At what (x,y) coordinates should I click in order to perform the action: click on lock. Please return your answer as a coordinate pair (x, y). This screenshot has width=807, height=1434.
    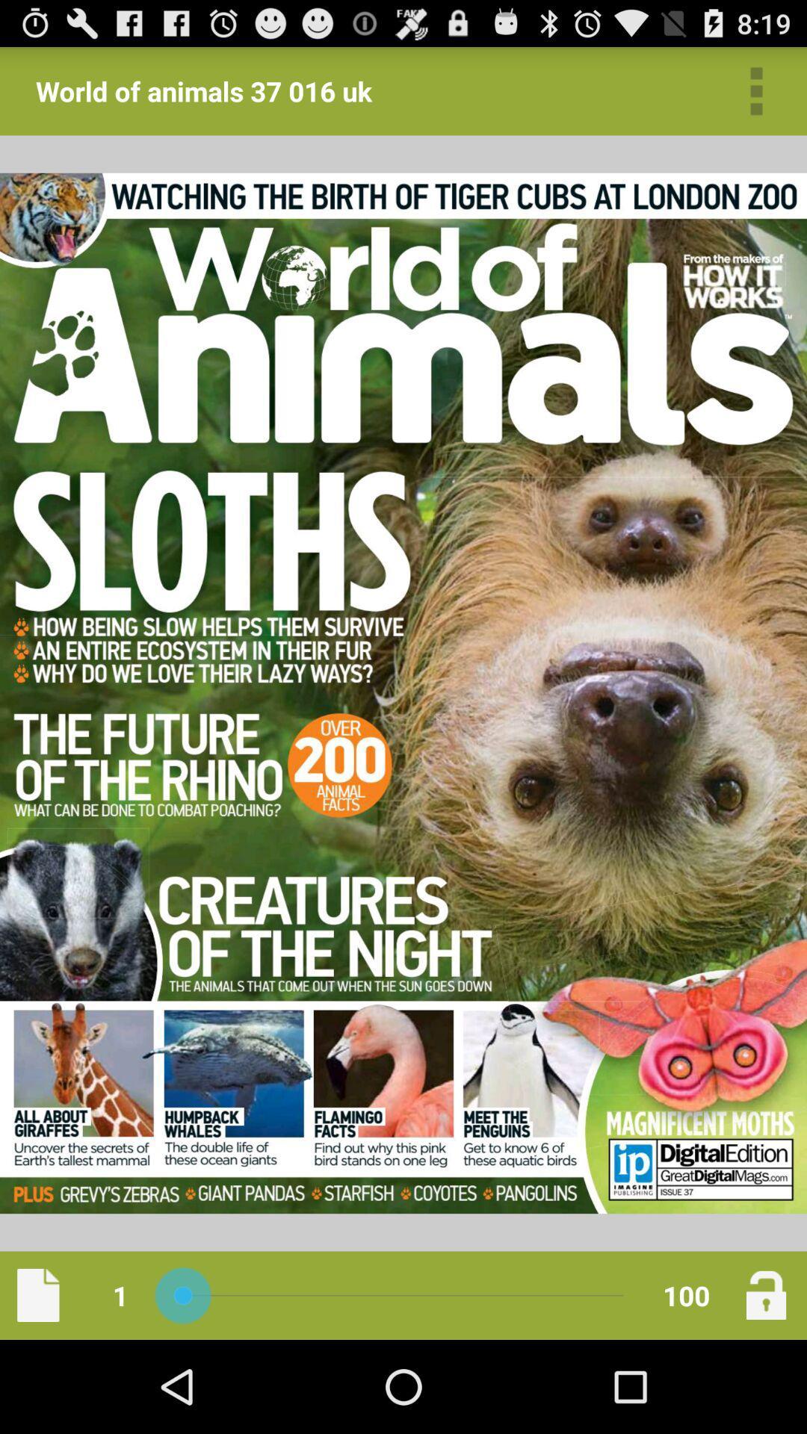
    Looking at the image, I should click on (766, 1294).